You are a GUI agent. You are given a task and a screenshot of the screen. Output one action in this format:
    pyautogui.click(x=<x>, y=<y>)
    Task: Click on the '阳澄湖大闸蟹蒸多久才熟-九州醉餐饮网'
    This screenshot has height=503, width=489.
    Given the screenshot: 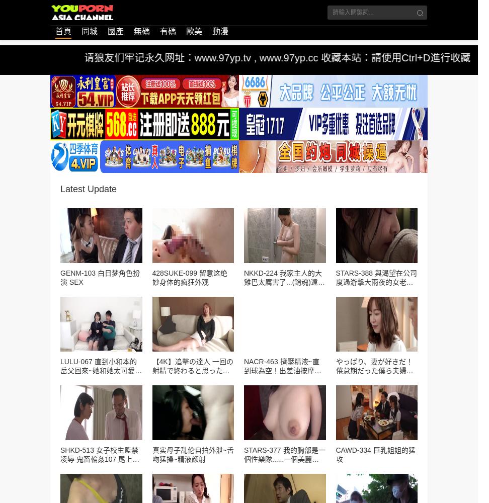 What is the action you would take?
    pyautogui.click(x=70, y=420)
    